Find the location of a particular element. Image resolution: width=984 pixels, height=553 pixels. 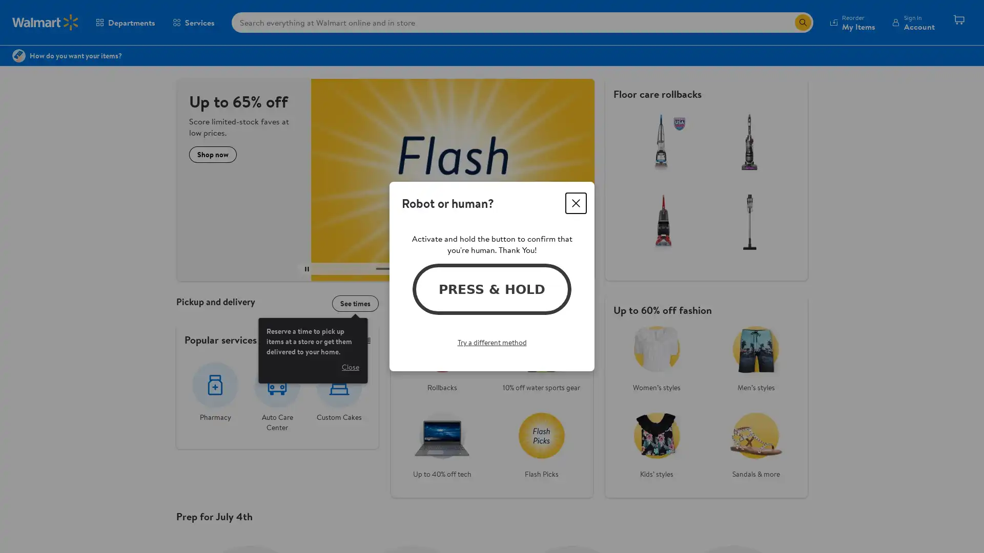

Close dialog is located at coordinates (576, 203).